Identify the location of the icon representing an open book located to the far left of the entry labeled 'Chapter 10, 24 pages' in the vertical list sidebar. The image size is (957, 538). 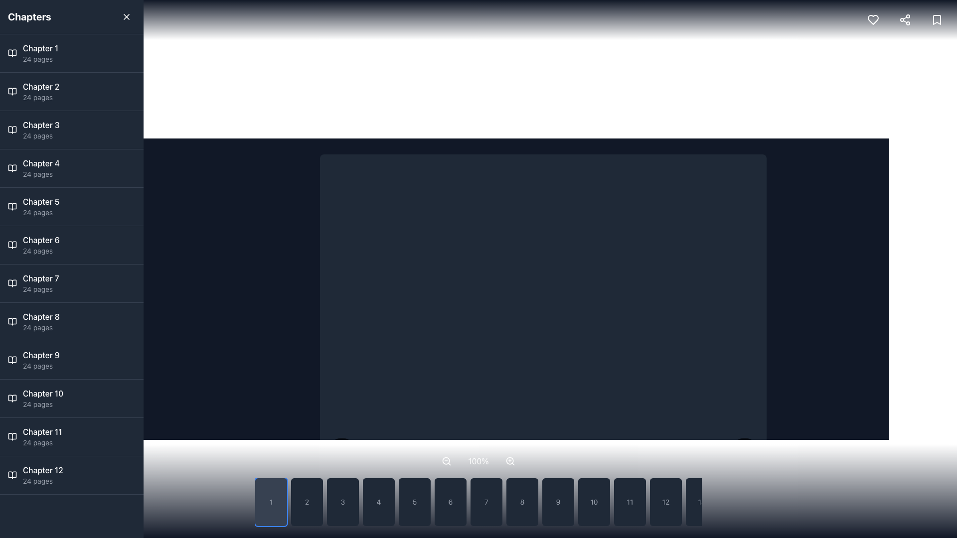
(12, 398).